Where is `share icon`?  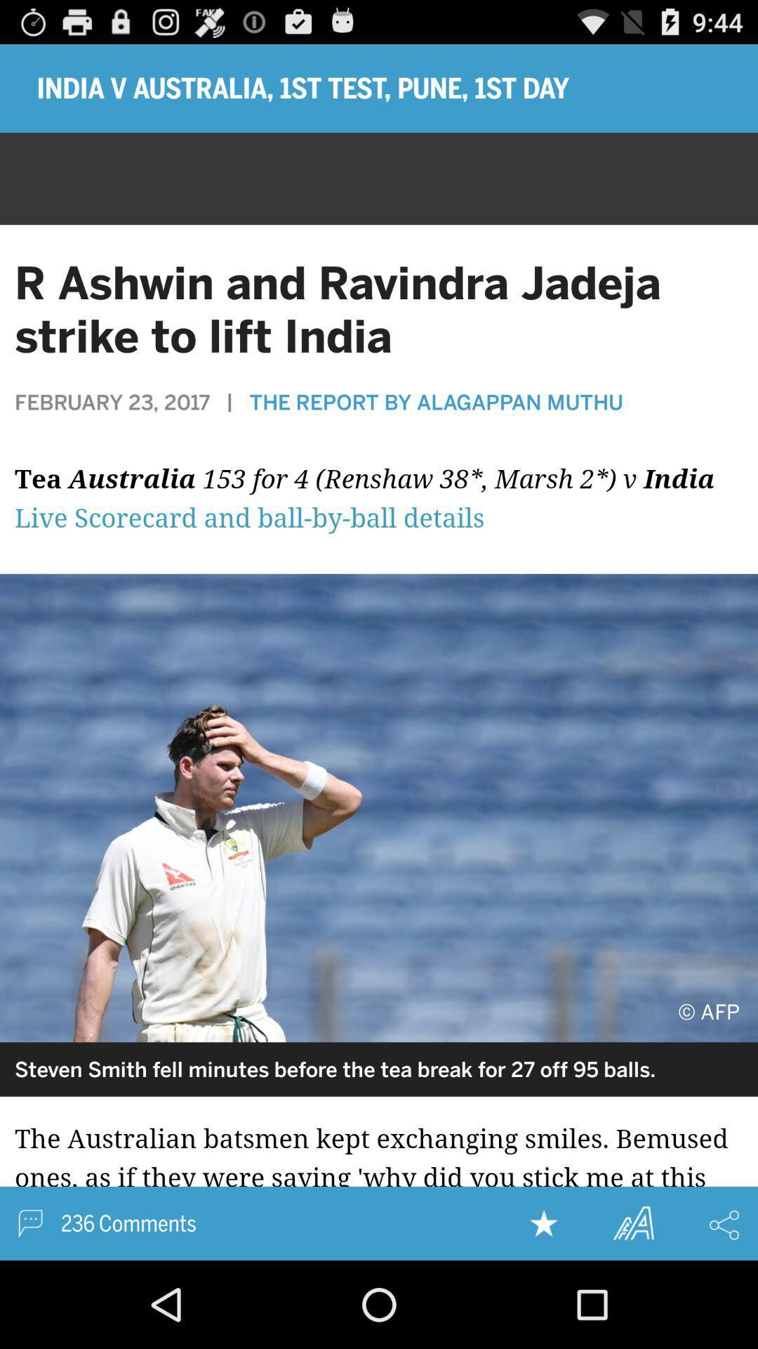
share icon is located at coordinates (724, 1224).